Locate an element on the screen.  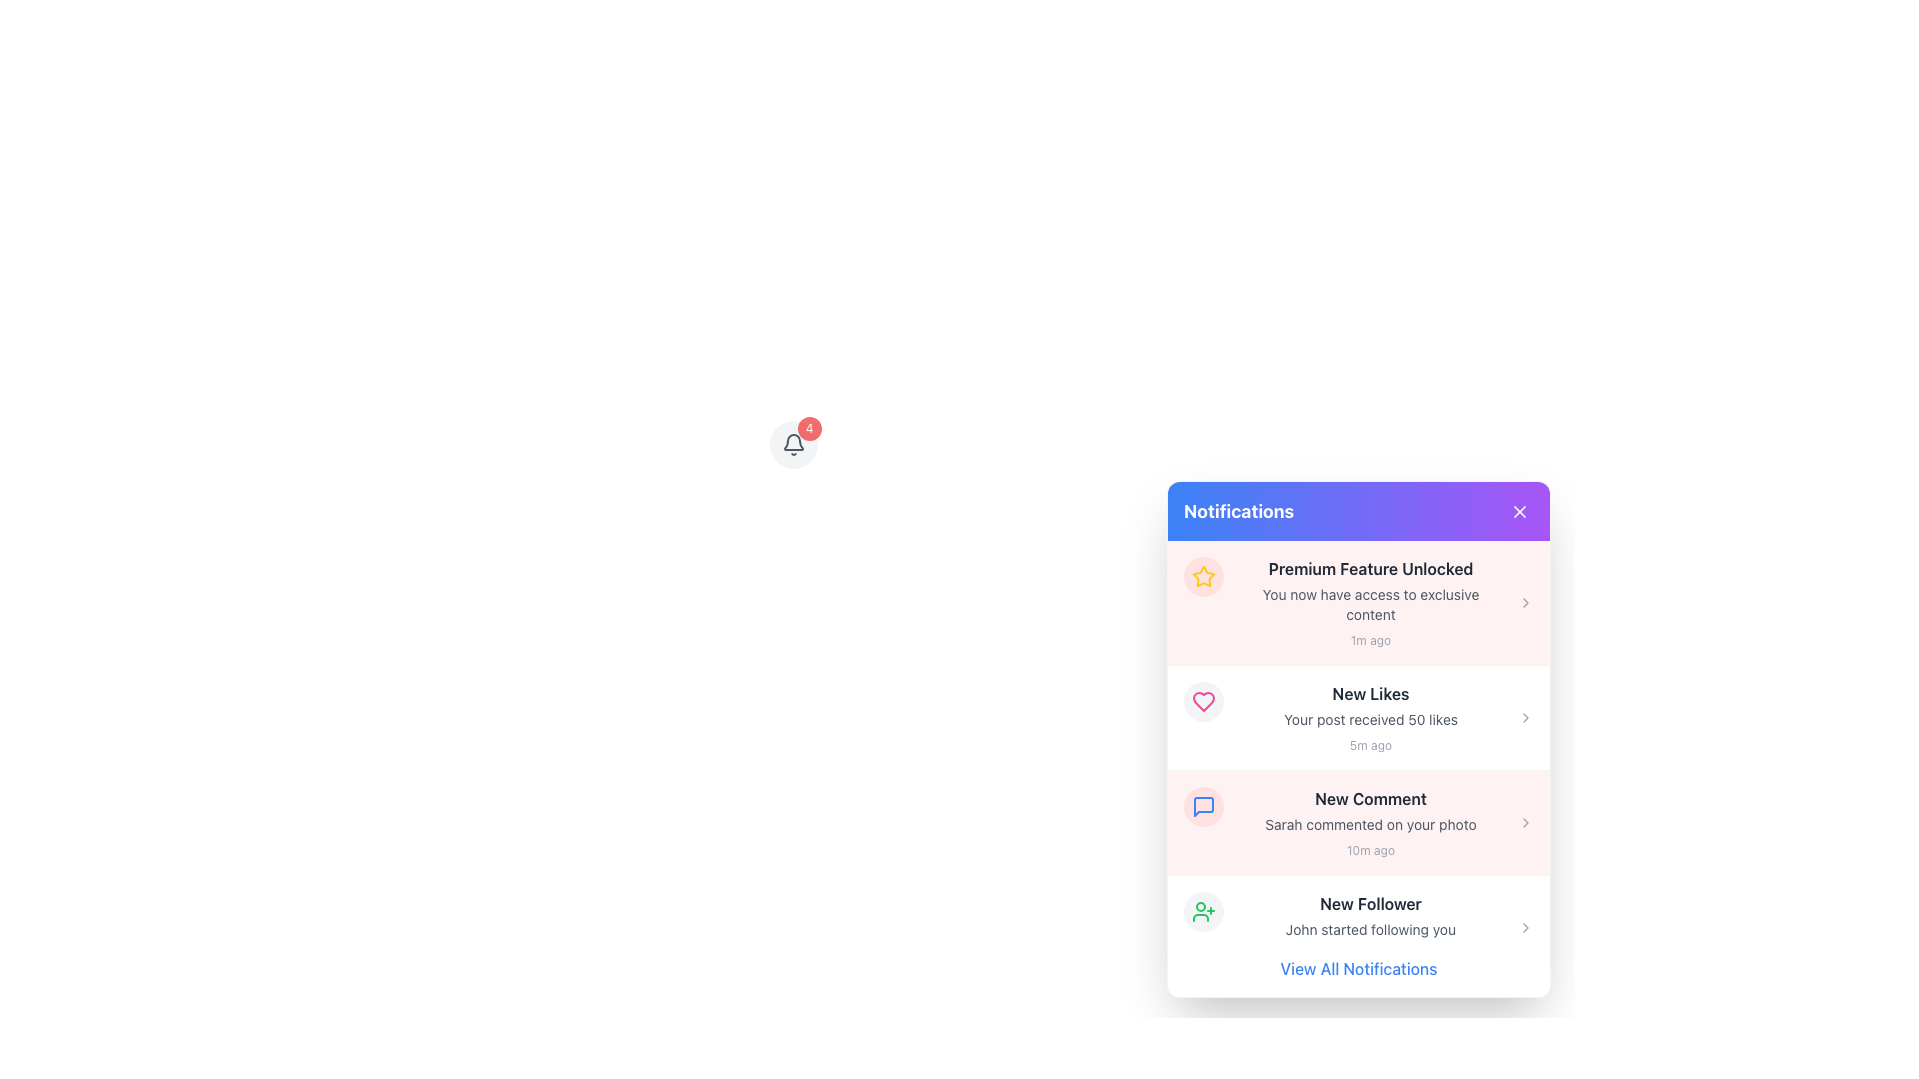
the close button located at the top-right corner of the notifications panel is located at coordinates (1519, 511).